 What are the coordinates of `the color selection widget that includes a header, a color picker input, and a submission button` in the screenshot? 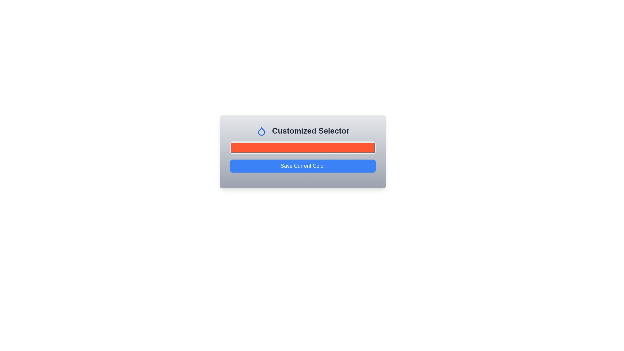 It's located at (302, 151).